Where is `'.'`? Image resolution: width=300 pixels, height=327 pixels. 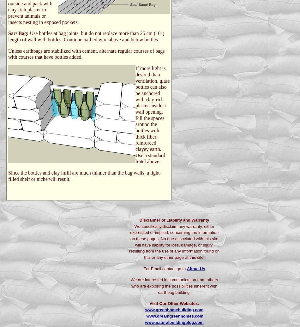 '.' is located at coordinates (7, 203).